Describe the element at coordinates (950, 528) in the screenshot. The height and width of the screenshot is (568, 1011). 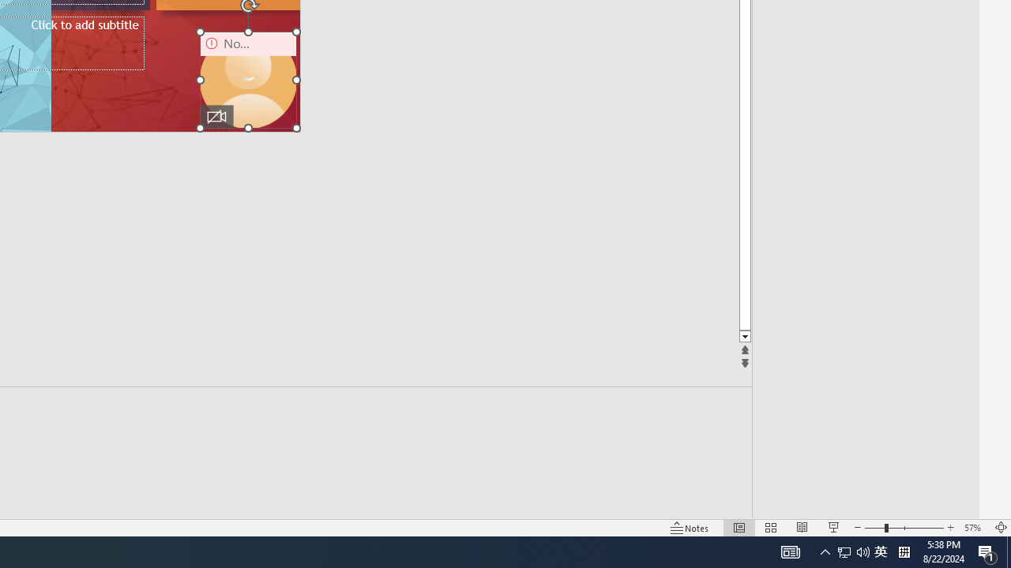
I see `'Zoom In'` at that location.